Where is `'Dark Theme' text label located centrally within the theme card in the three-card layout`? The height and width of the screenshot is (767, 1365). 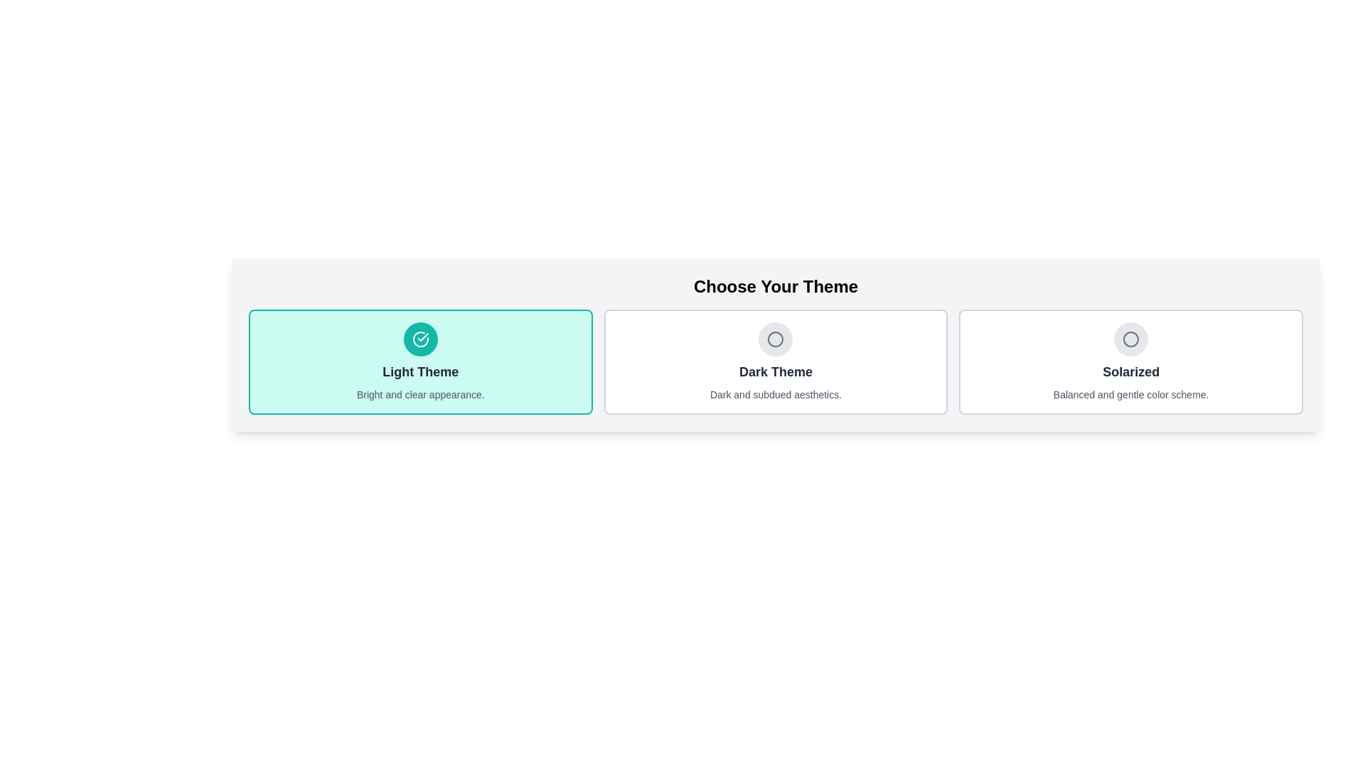 'Dark Theme' text label located centrally within the theme card in the three-card layout is located at coordinates (775, 371).